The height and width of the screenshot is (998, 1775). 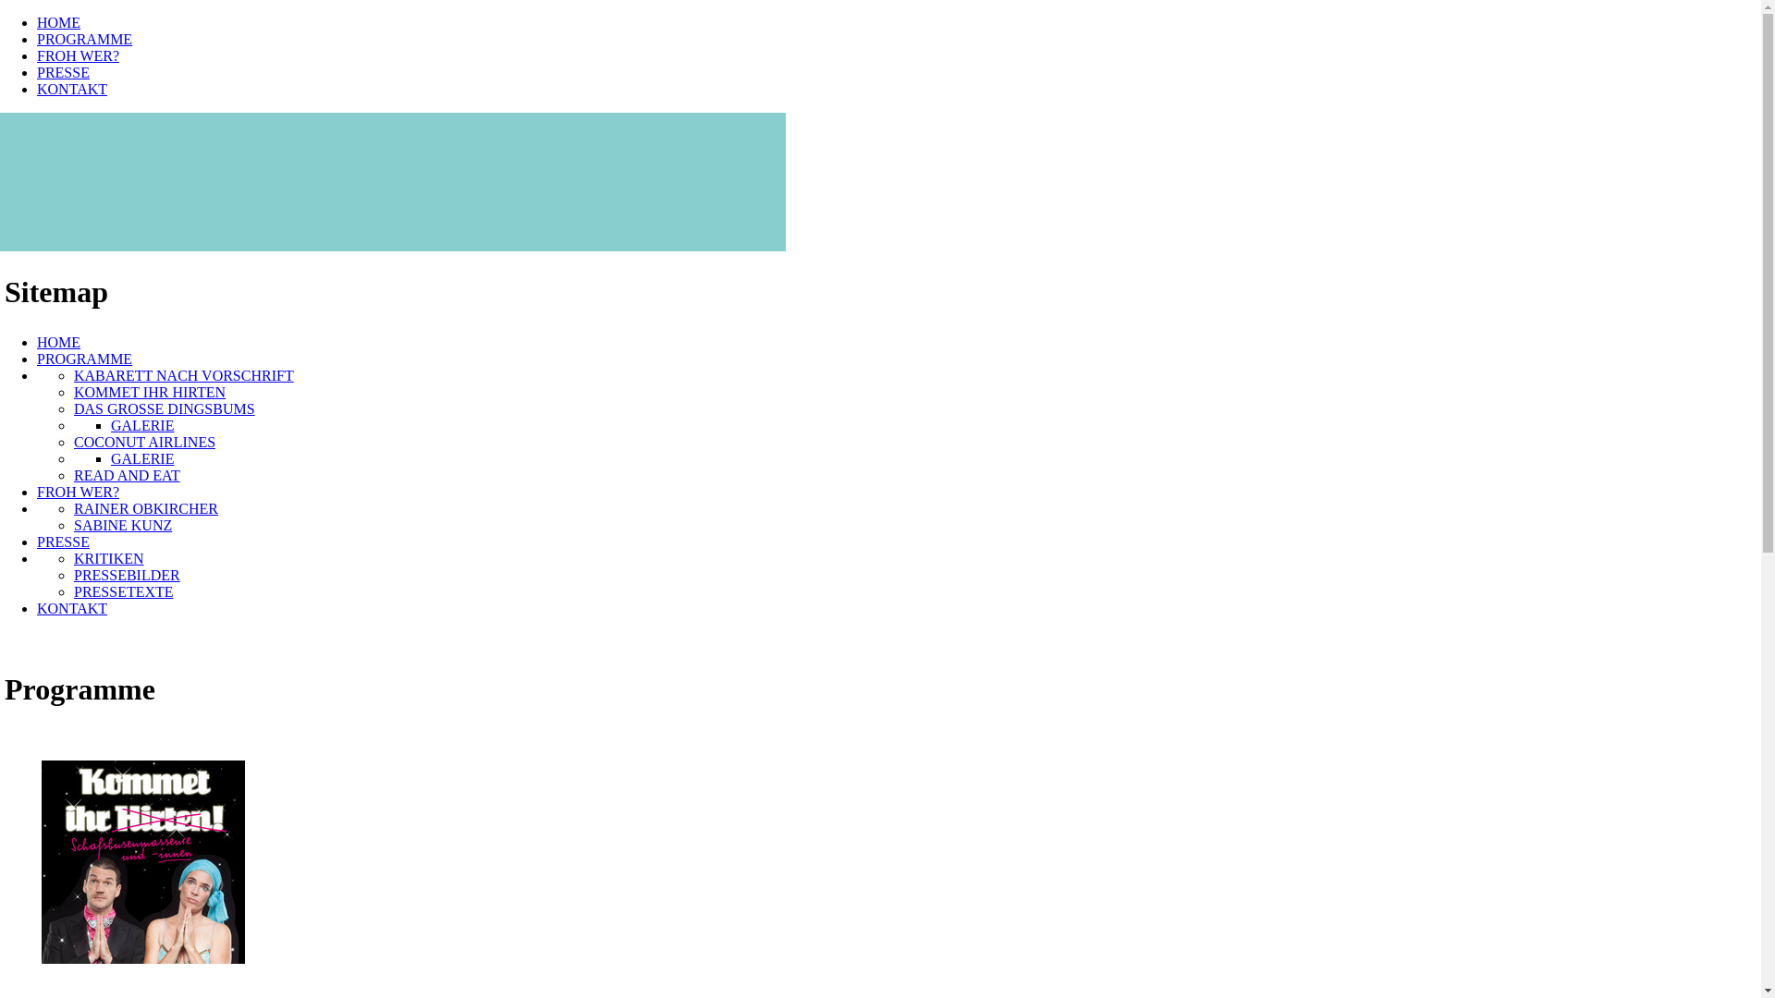 What do you see at coordinates (58, 342) in the screenshot?
I see `'HOME'` at bounding box center [58, 342].